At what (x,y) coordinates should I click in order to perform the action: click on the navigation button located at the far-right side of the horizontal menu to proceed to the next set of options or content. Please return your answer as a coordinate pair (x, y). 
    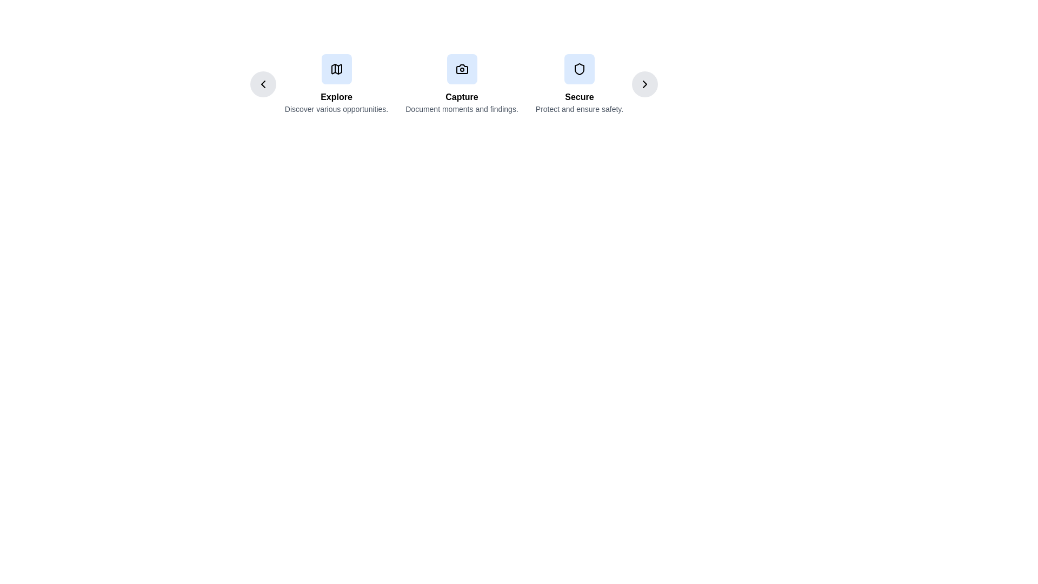
    Looking at the image, I should click on (645, 83).